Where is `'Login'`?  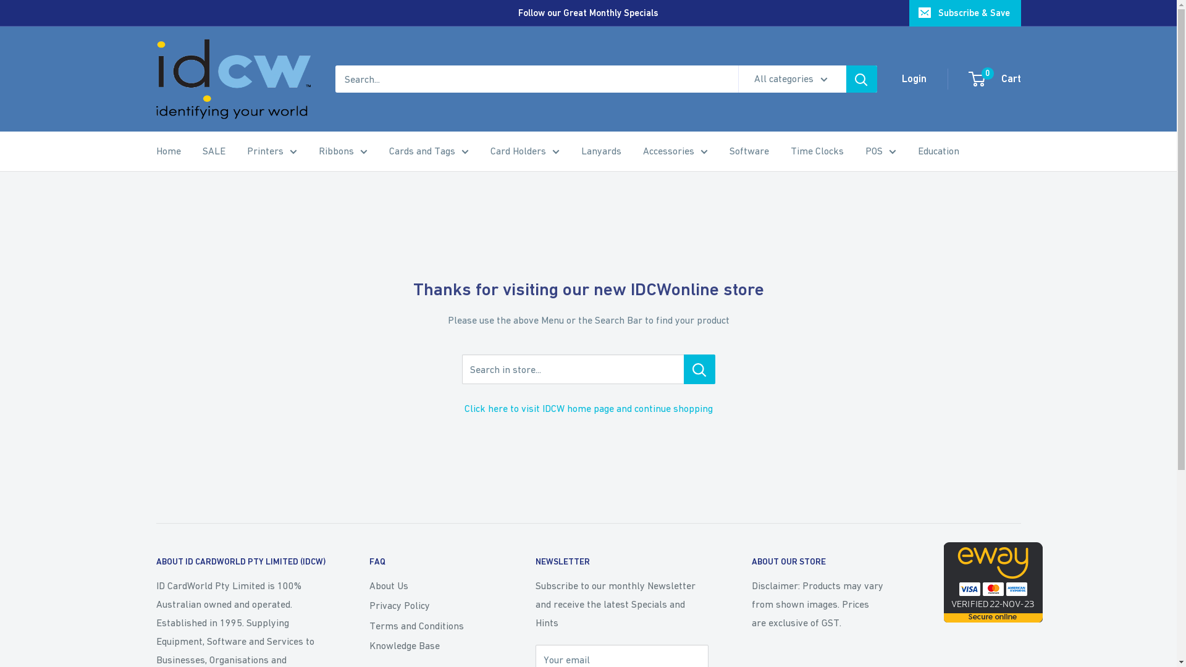 'Login' is located at coordinates (914, 78).